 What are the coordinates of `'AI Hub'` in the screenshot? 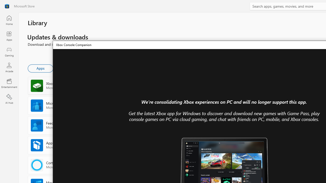 It's located at (9, 99).